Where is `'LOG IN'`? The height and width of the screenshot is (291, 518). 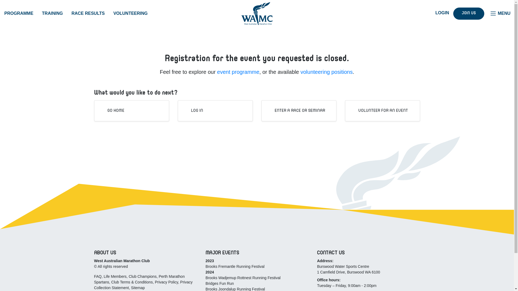 'LOG IN' is located at coordinates (193, 110).